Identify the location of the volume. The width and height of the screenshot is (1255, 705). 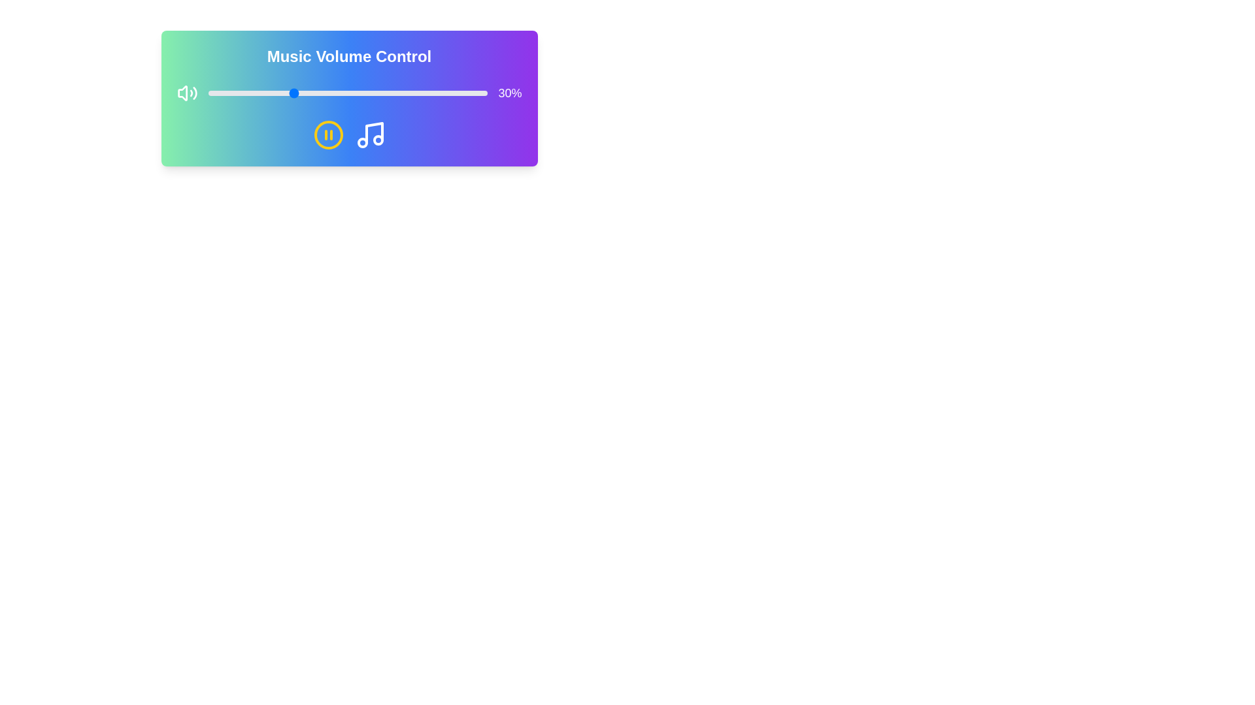
(378, 92).